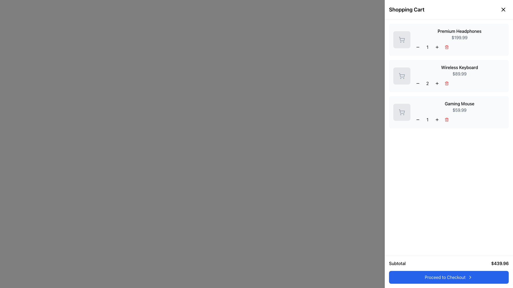  What do you see at coordinates (503, 9) in the screenshot?
I see `the circular button with an 'X' icon located in the top-right corner of the shopping cart interface` at bounding box center [503, 9].